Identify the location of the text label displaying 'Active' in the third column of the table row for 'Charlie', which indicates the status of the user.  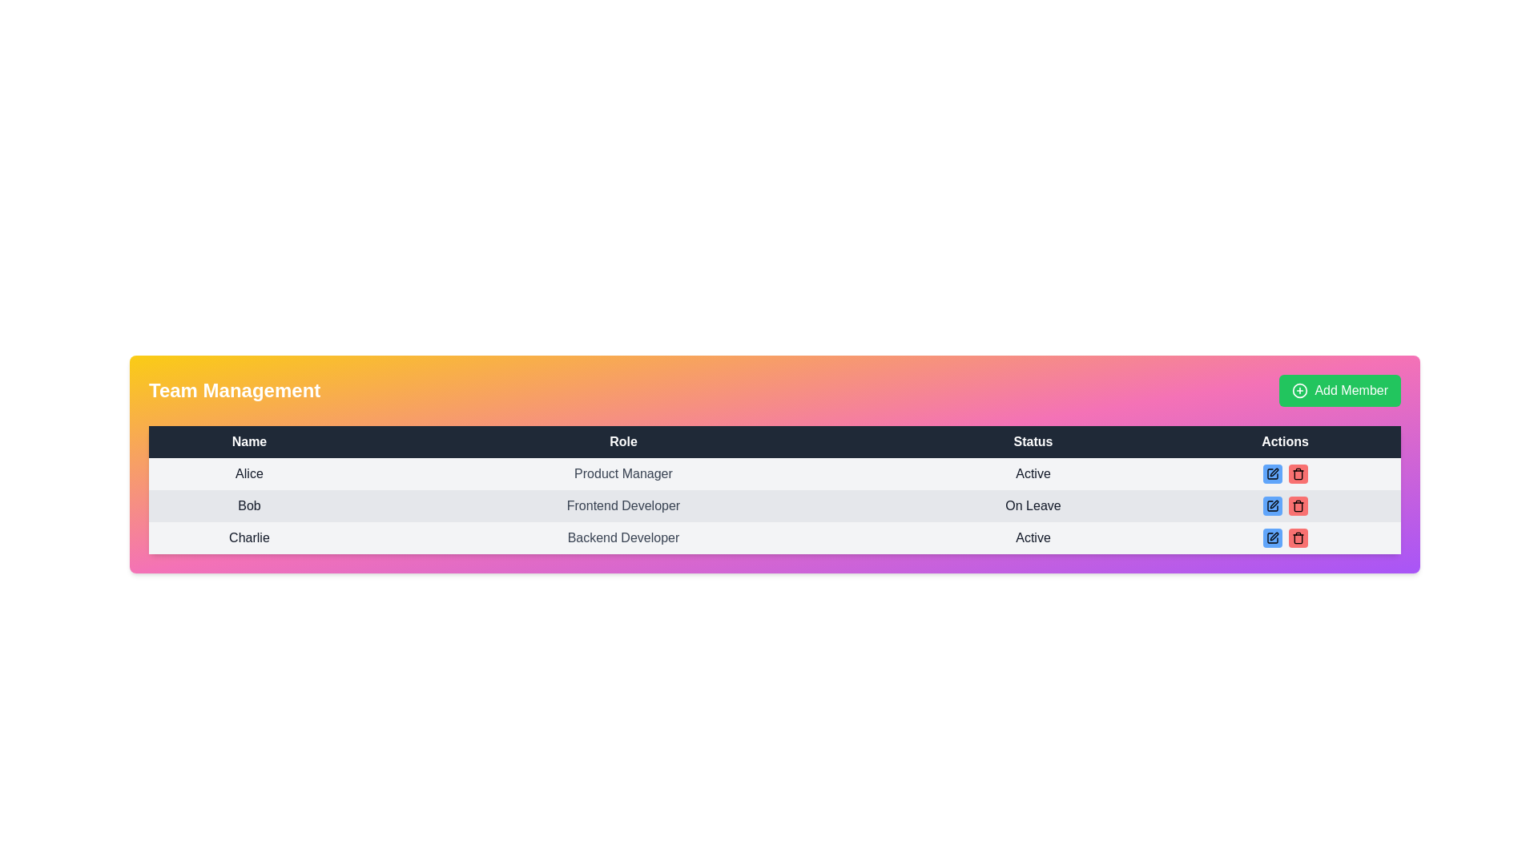
(1033, 537).